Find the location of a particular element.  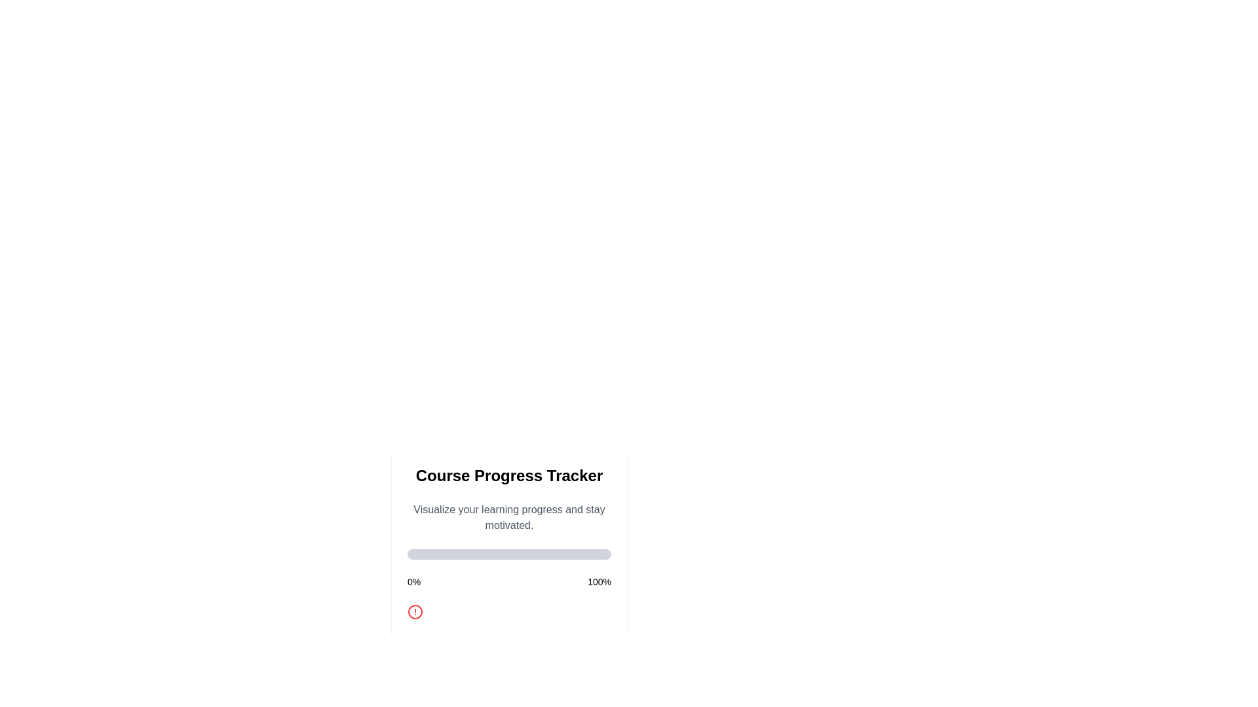

the static text element displaying '0%' which indicates the starting point of progress is located at coordinates (413, 581).